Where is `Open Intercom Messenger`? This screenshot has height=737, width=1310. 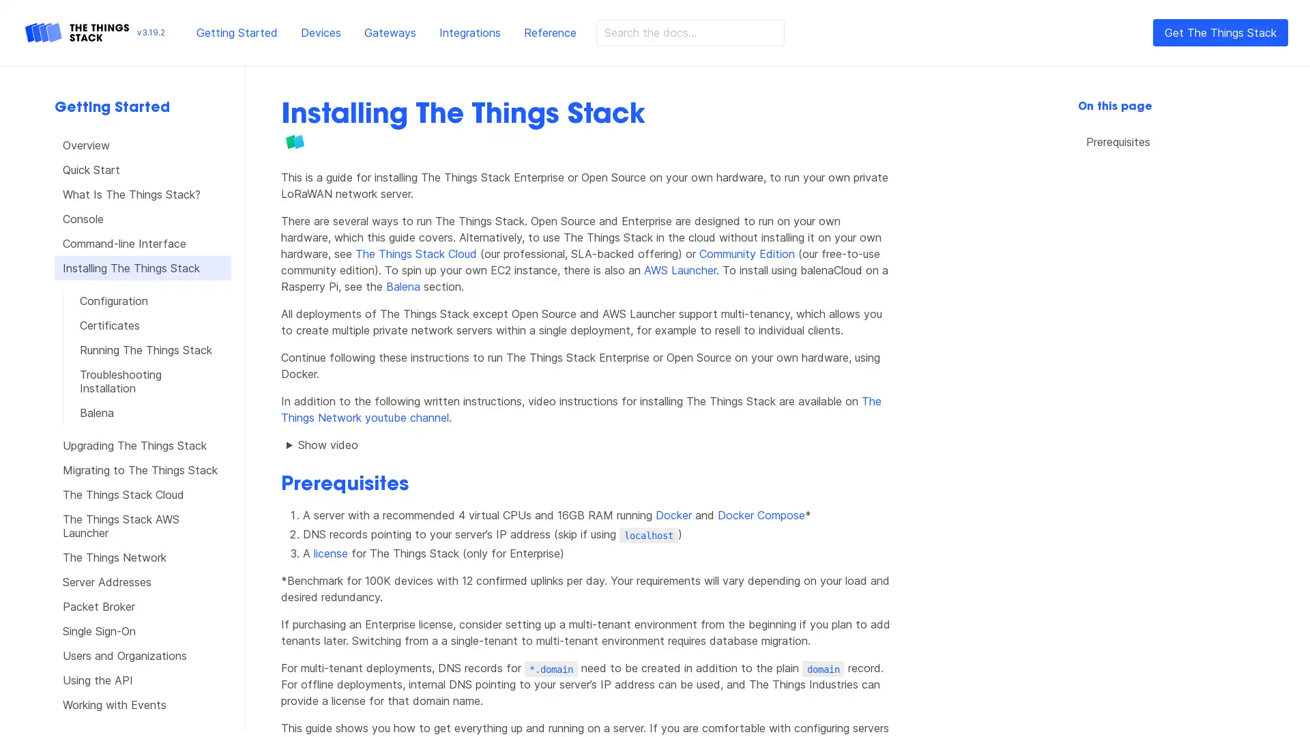
Open Intercom Messenger is located at coordinates (1275, 702).